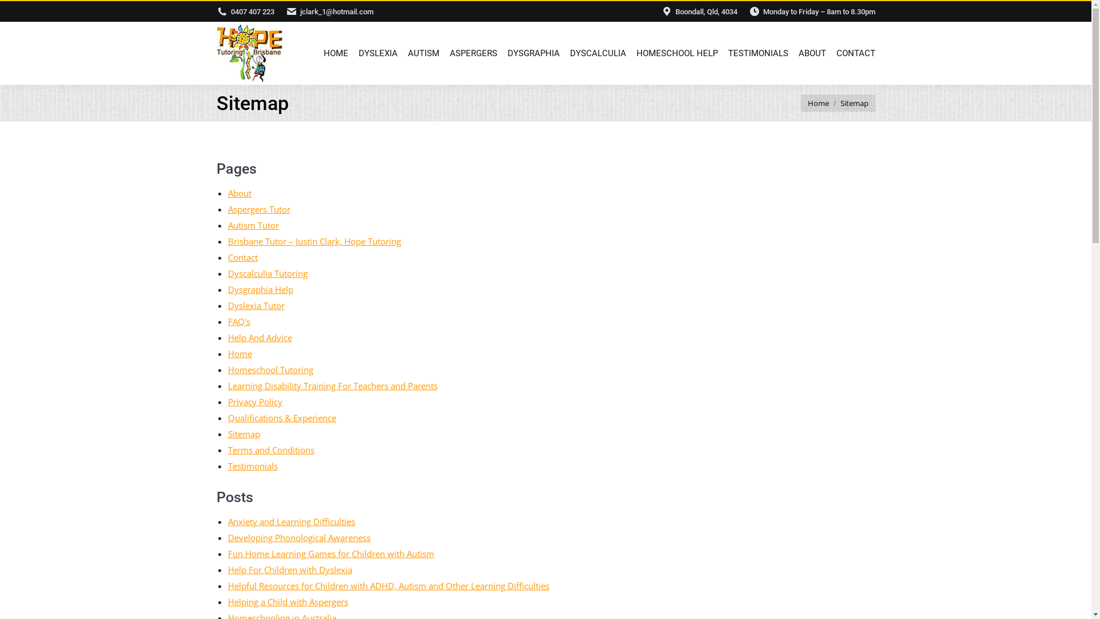  I want to click on 'AUTISM', so click(421, 53).